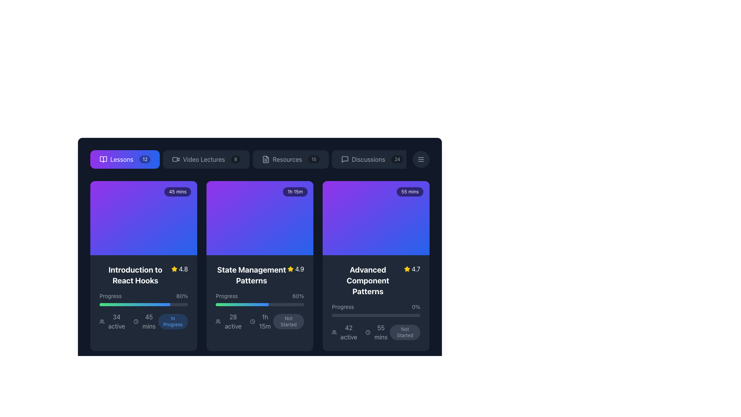 The height and width of the screenshot is (417, 741). I want to click on the text label displaying '28 active' located in the middle card of the horizontally displayed list, positioned below the progress bar, so click(233, 322).